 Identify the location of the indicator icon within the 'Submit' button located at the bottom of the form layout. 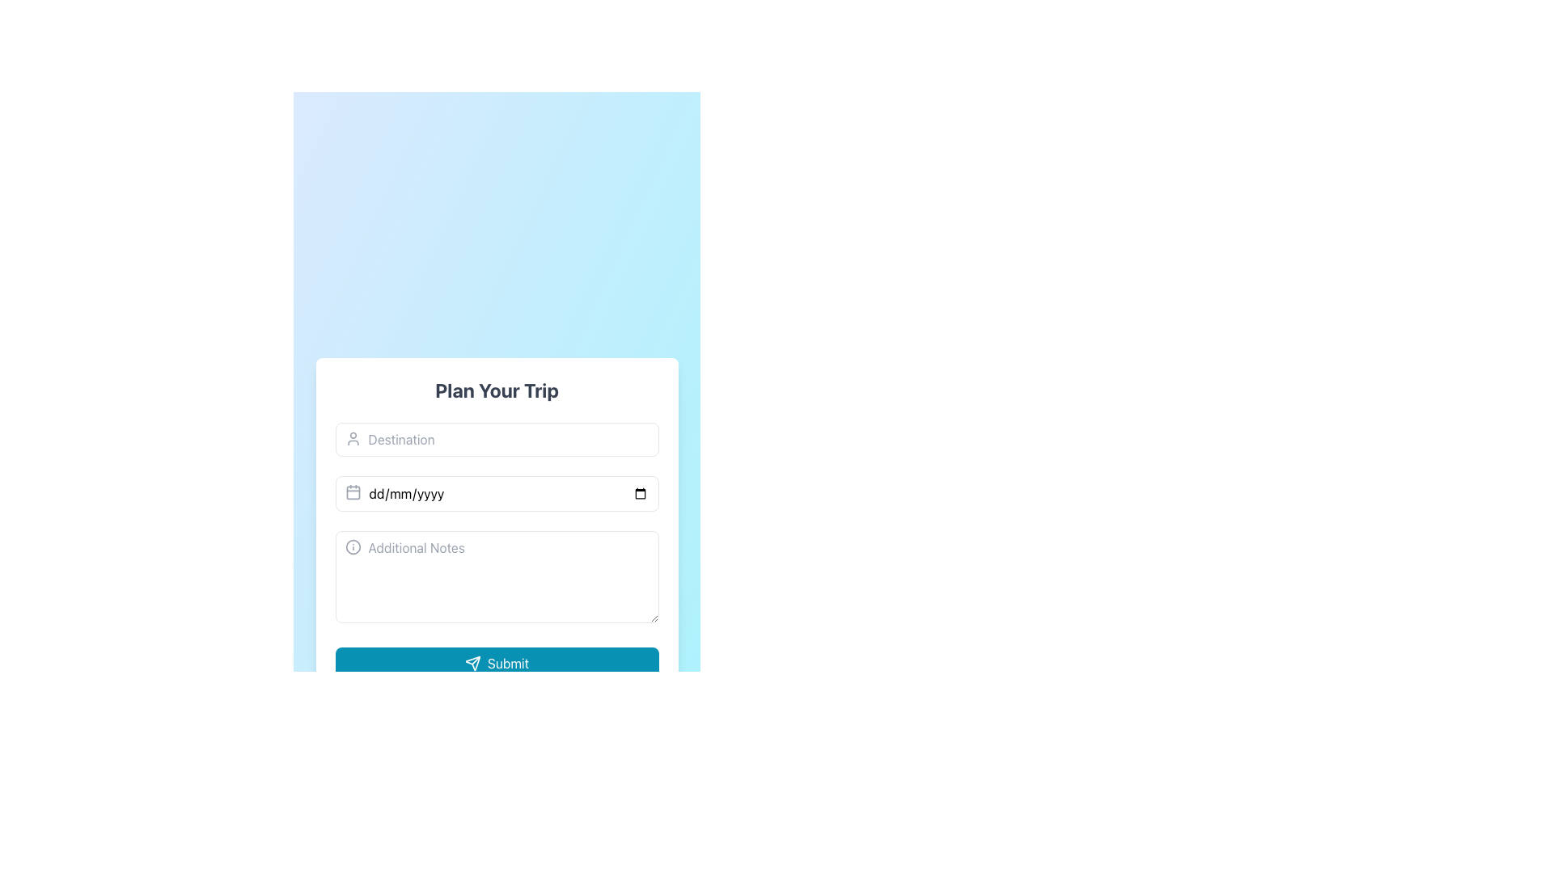
(472, 664).